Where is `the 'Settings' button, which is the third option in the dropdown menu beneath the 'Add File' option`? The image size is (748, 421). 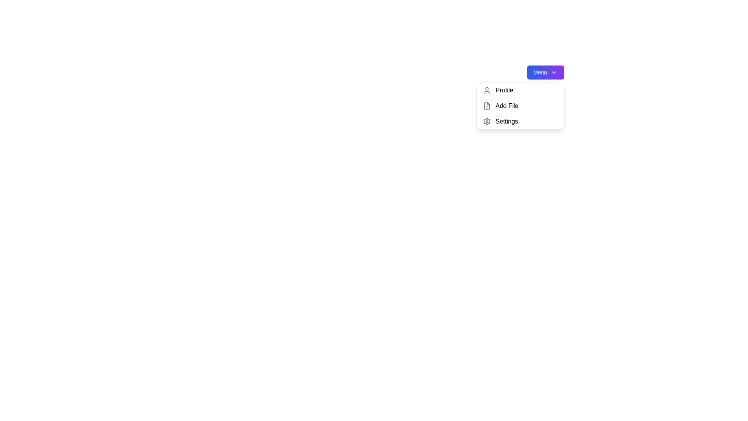
the 'Settings' button, which is the third option in the dropdown menu beneath the 'Add File' option is located at coordinates (520, 122).